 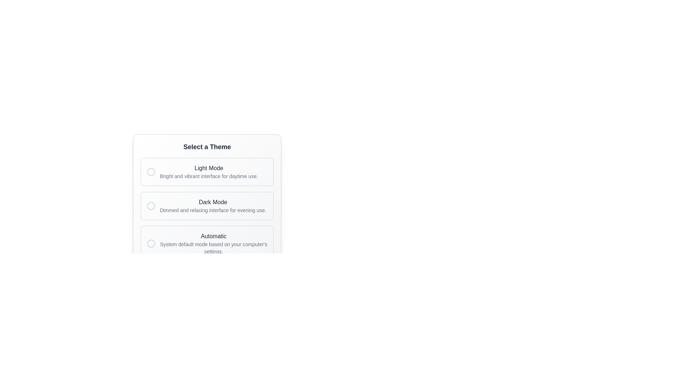 What do you see at coordinates (151, 206) in the screenshot?
I see `the circular radio button selection indicator for the 'Dark Mode' option` at bounding box center [151, 206].